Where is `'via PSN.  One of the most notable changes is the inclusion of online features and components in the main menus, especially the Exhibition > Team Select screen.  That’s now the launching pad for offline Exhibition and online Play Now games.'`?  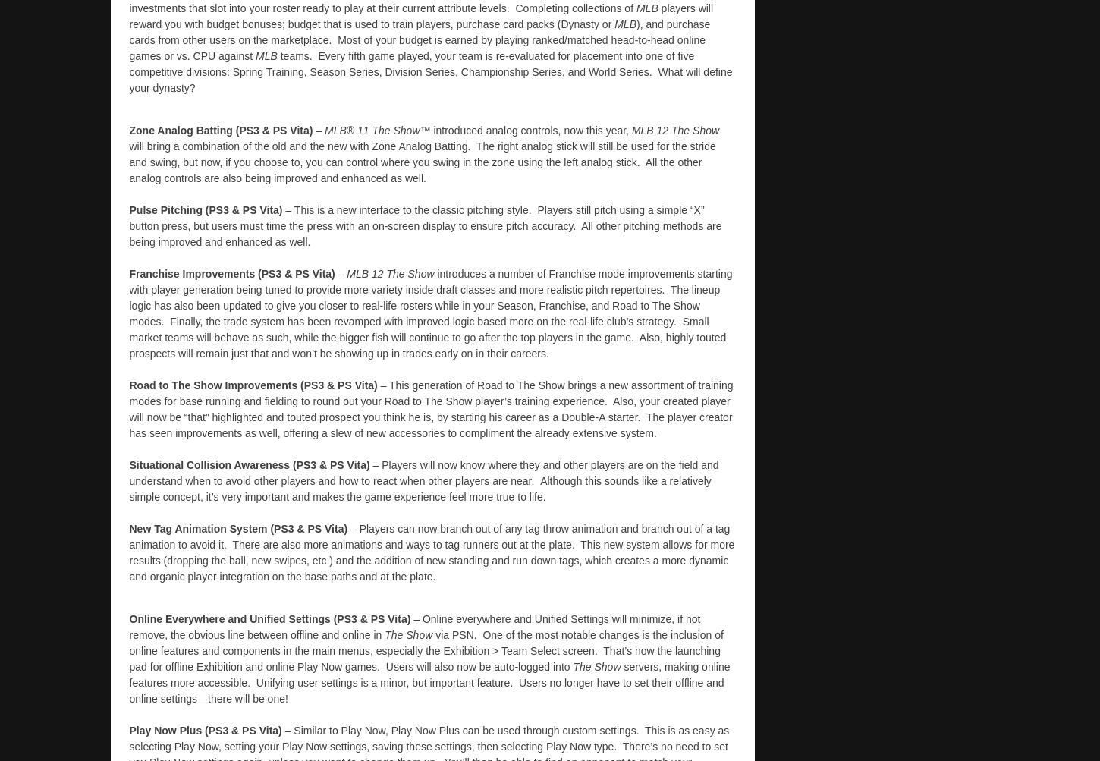 'via PSN.  One of the most notable changes is the inclusion of online features and components in the main menus, especially the Exhibition > Team Select screen.  That’s now the launching pad for offline Exhibition and online Play Now games.' is located at coordinates (426, 649).